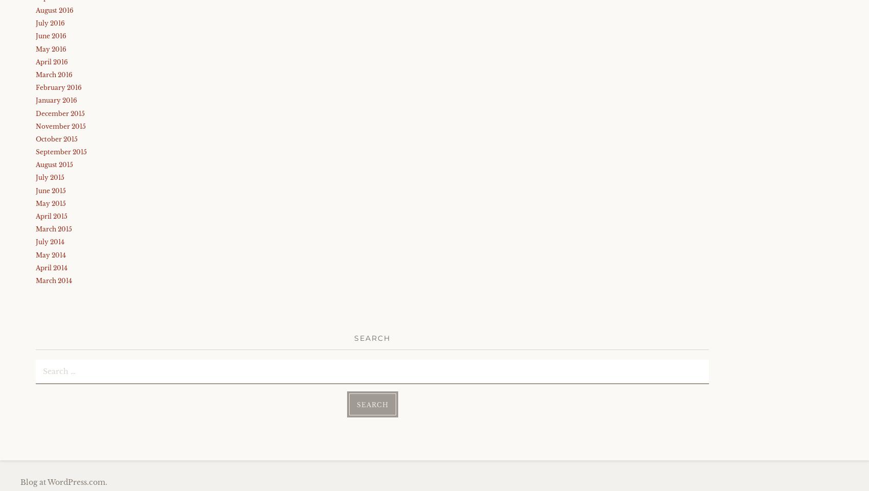 The image size is (869, 491). Describe the element at coordinates (56, 100) in the screenshot. I see `'January 2016'` at that location.